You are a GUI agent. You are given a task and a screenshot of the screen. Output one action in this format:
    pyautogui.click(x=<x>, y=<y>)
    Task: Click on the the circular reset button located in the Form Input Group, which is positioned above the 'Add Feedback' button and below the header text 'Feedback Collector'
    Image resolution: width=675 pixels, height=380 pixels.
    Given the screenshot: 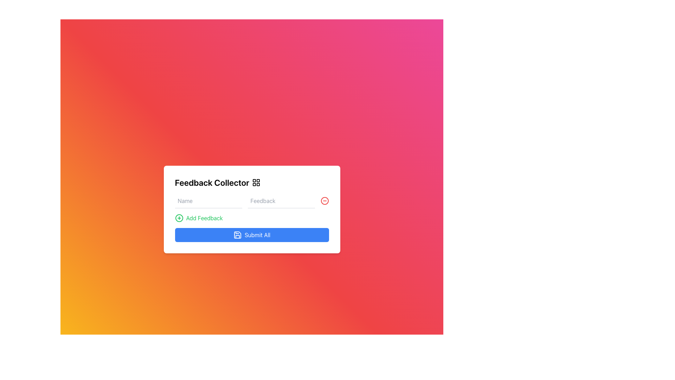 What is the action you would take?
    pyautogui.click(x=252, y=201)
    